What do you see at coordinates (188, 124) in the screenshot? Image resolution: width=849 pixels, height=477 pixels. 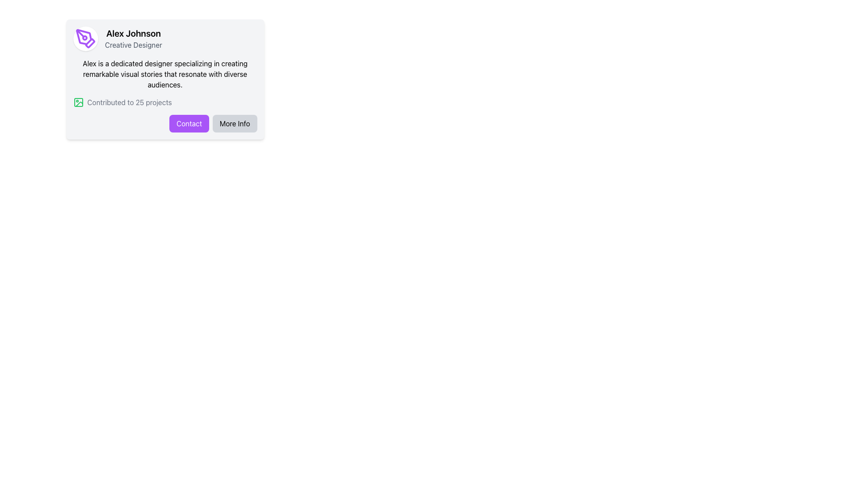 I see `the purple 'Contact' button located in the lower-right corner of the card layout displaying information about 'Alex Johnson'` at bounding box center [188, 124].